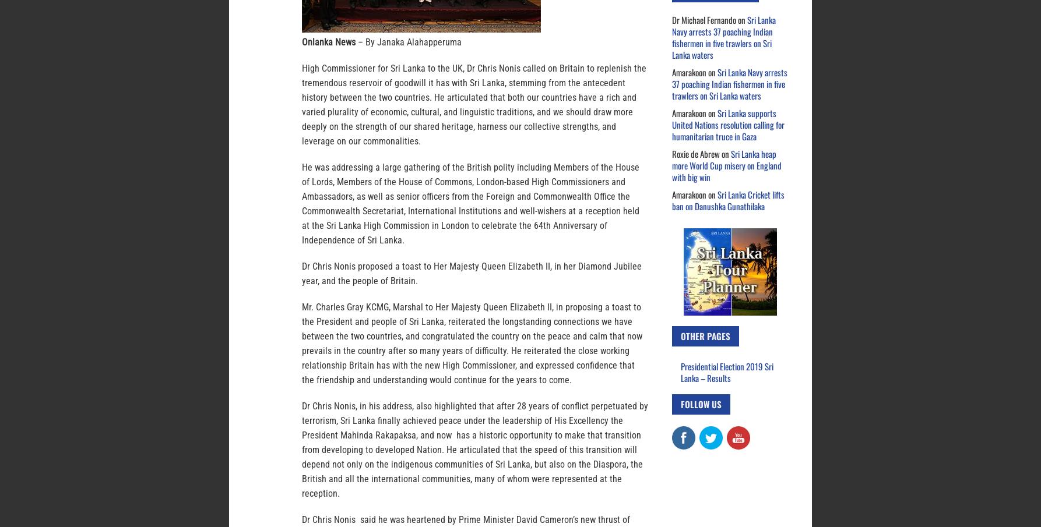 The height and width of the screenshot is (527, 1041). What do you see at coordinates (728, 124) in the screenshot?
I see `'Sri Lanka supports United Nations resolution calling for humanitarian truce in Gaza'` at bounding box center [728, 124].